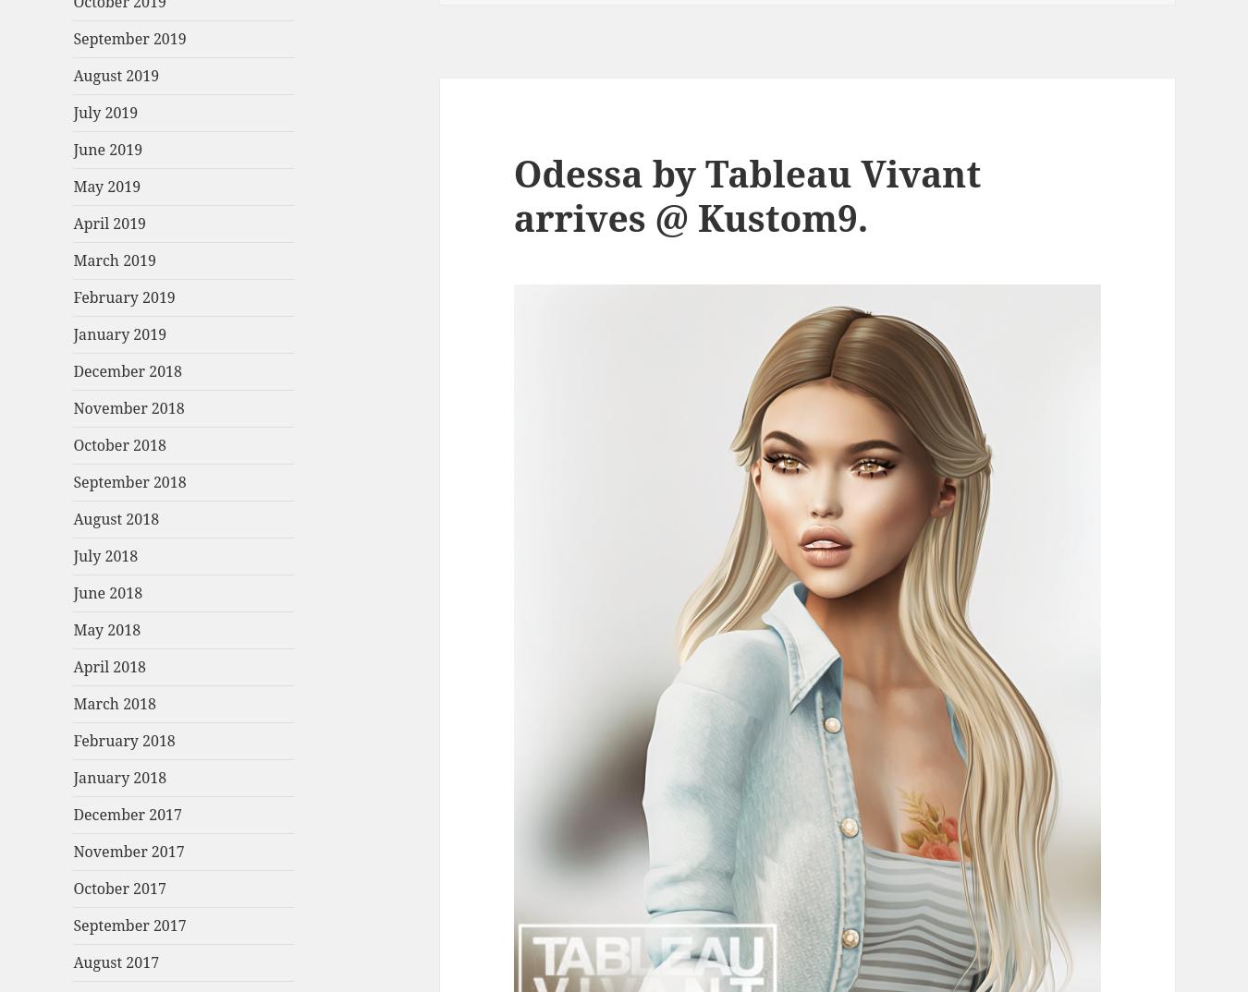 The height and width of the screenshot is (992, 1248). Describe the element at coordinates (119, 444) in the screenshot. I see `'October 2018'` at that location.